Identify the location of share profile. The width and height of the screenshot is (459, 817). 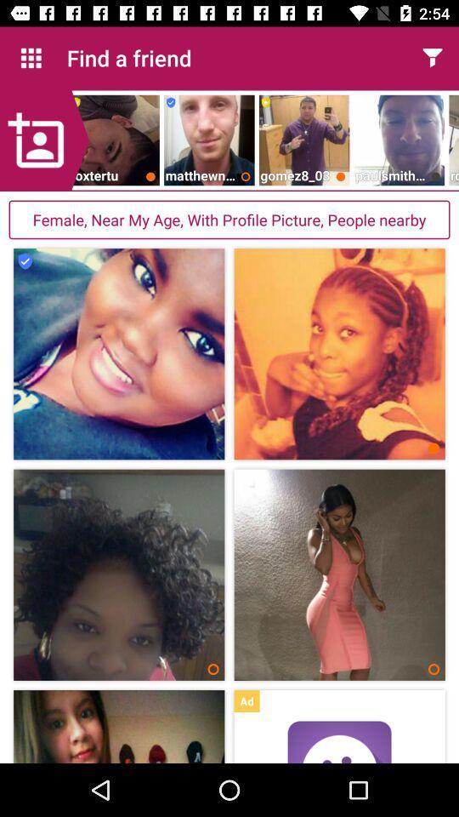
(432, 58).